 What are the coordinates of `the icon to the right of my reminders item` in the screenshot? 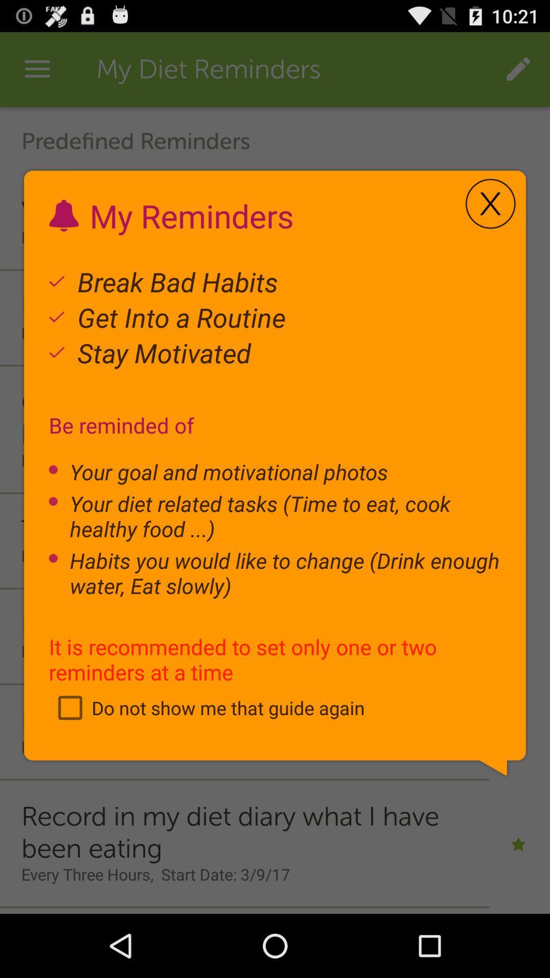 It's located at (490, 204).